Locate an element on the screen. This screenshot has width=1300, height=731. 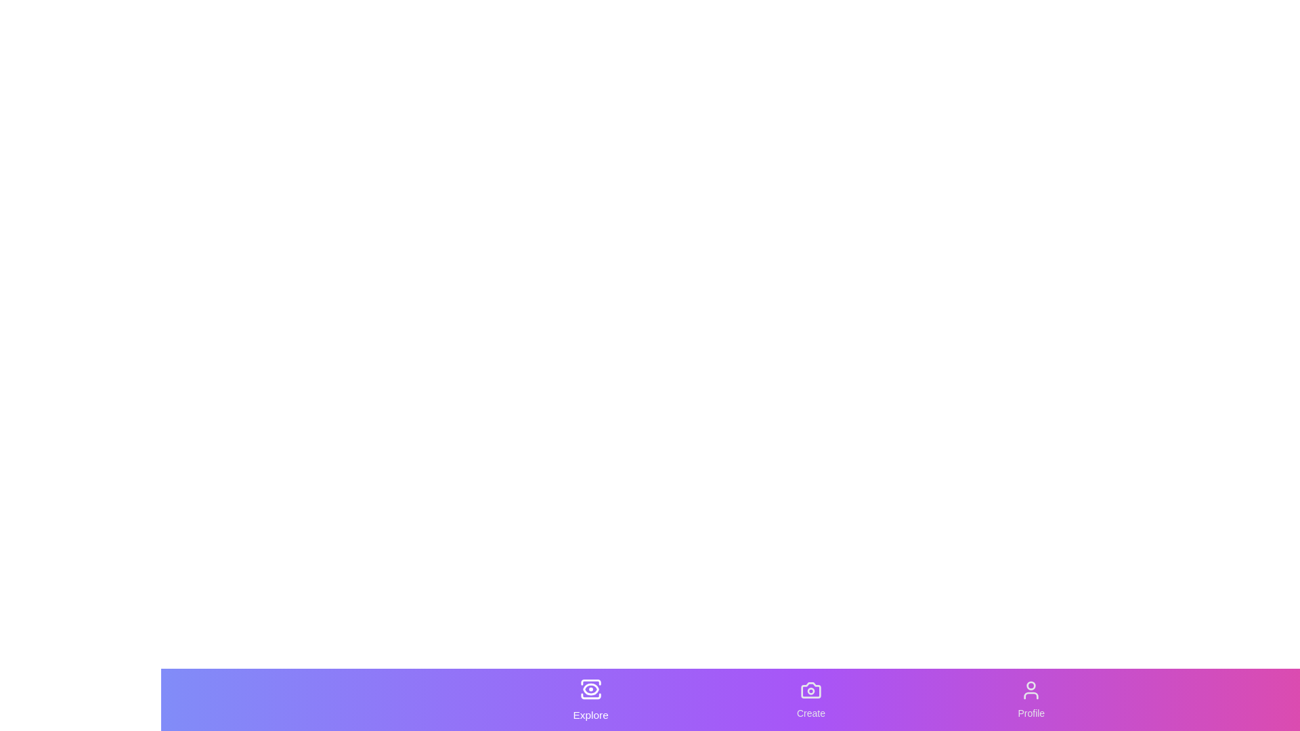
the 'Explore' tab to activate it is located at coordinates (590, 699).